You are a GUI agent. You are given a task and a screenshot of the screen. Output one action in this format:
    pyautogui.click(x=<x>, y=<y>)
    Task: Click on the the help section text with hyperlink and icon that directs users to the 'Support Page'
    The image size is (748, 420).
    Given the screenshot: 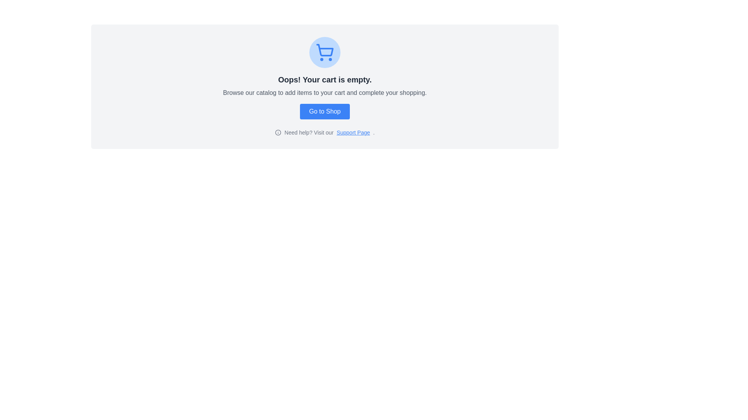 What is the action you would take?
    pyautogui.click(x=325, y=132)
    